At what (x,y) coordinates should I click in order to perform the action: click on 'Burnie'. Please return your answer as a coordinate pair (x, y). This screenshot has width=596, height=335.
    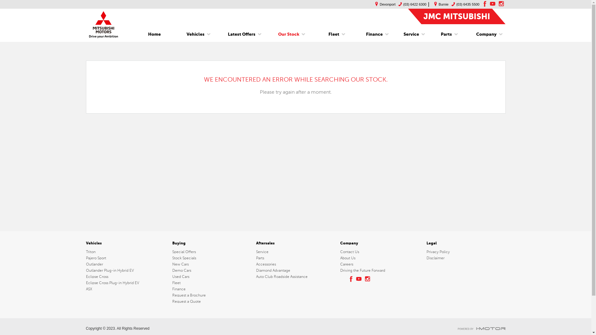
    Looking at the image, I should click on (439, 4).